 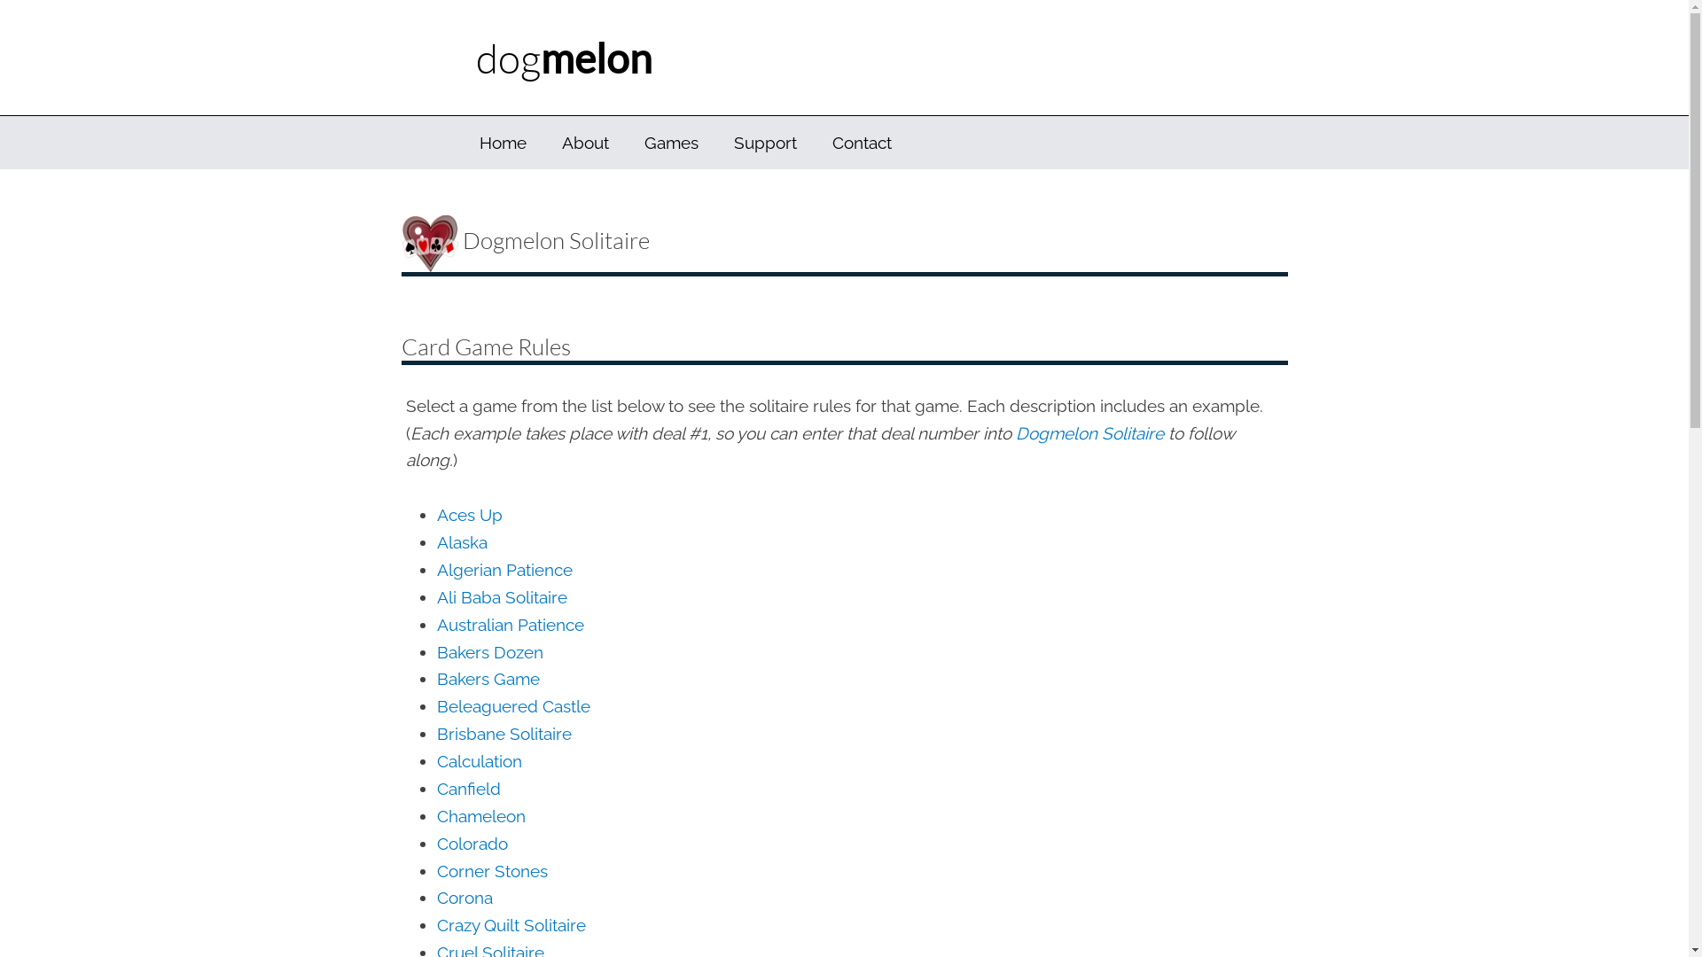 I want to click on 'Home', so click(x=501, y=142).